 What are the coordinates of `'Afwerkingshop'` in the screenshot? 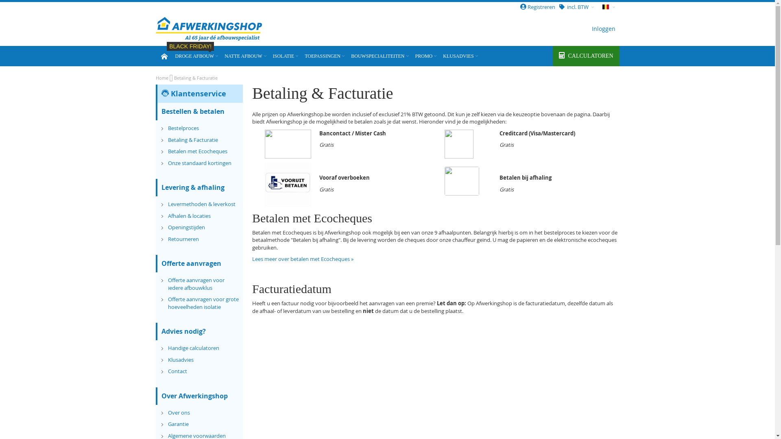 It's located at (208, 28).